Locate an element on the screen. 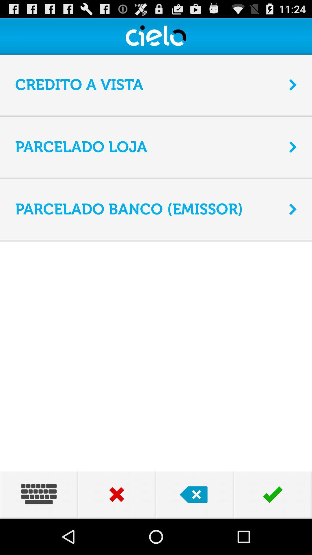  icon below credito a vista item is located at coordinates (156, 116).